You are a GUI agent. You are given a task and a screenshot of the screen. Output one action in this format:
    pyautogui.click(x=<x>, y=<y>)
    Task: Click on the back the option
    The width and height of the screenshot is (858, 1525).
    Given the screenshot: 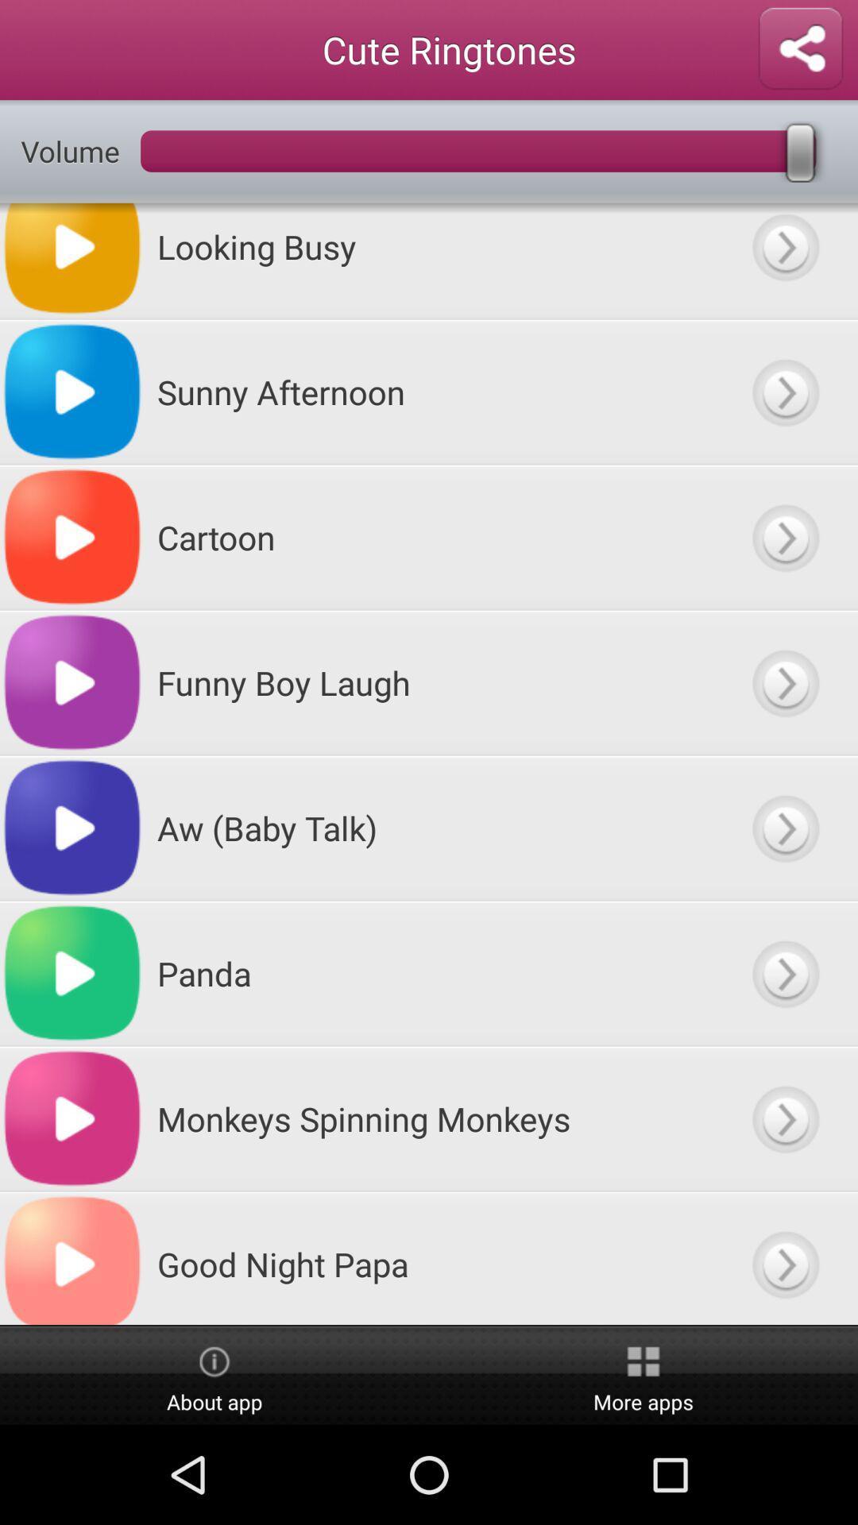 What is the action you would take?
    pyautogui.click(x=784, y=392)
    